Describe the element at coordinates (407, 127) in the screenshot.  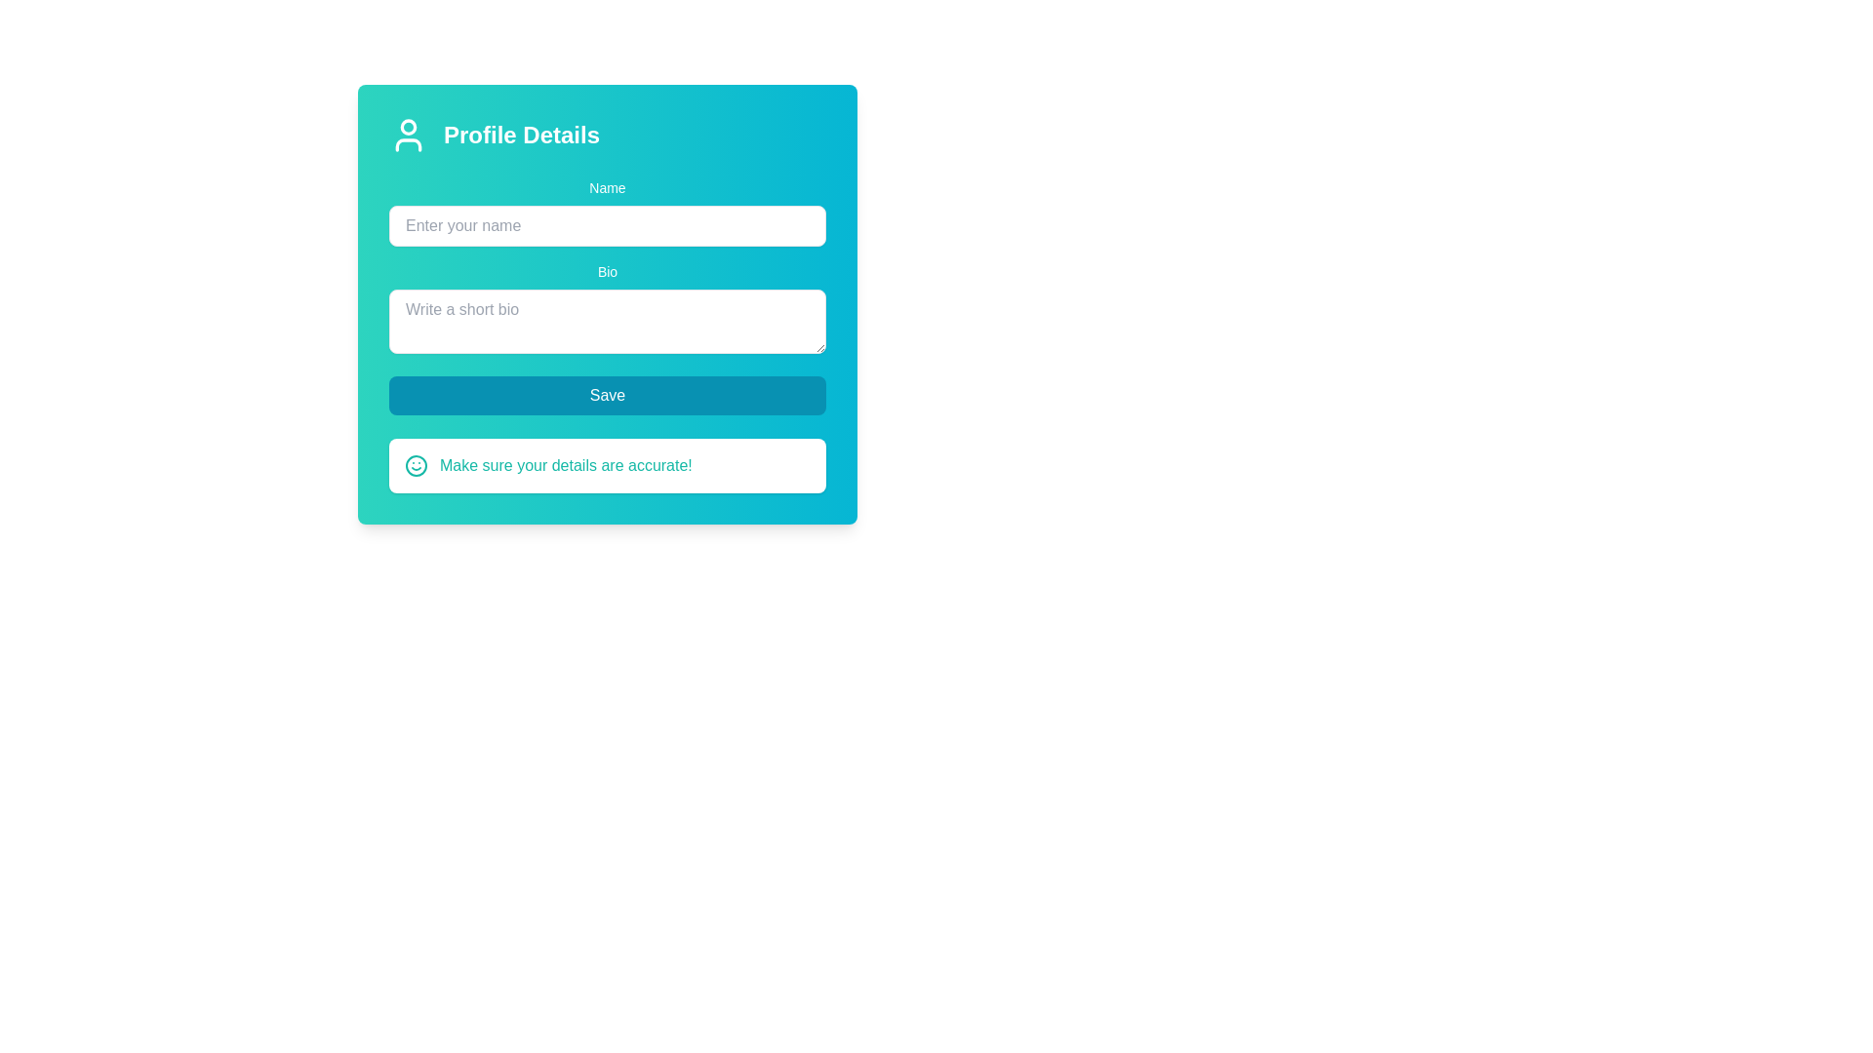
I see `the circular graphical element representing the head in the user profile icon located at the top left of the 'Profile Details' panel` at that location.